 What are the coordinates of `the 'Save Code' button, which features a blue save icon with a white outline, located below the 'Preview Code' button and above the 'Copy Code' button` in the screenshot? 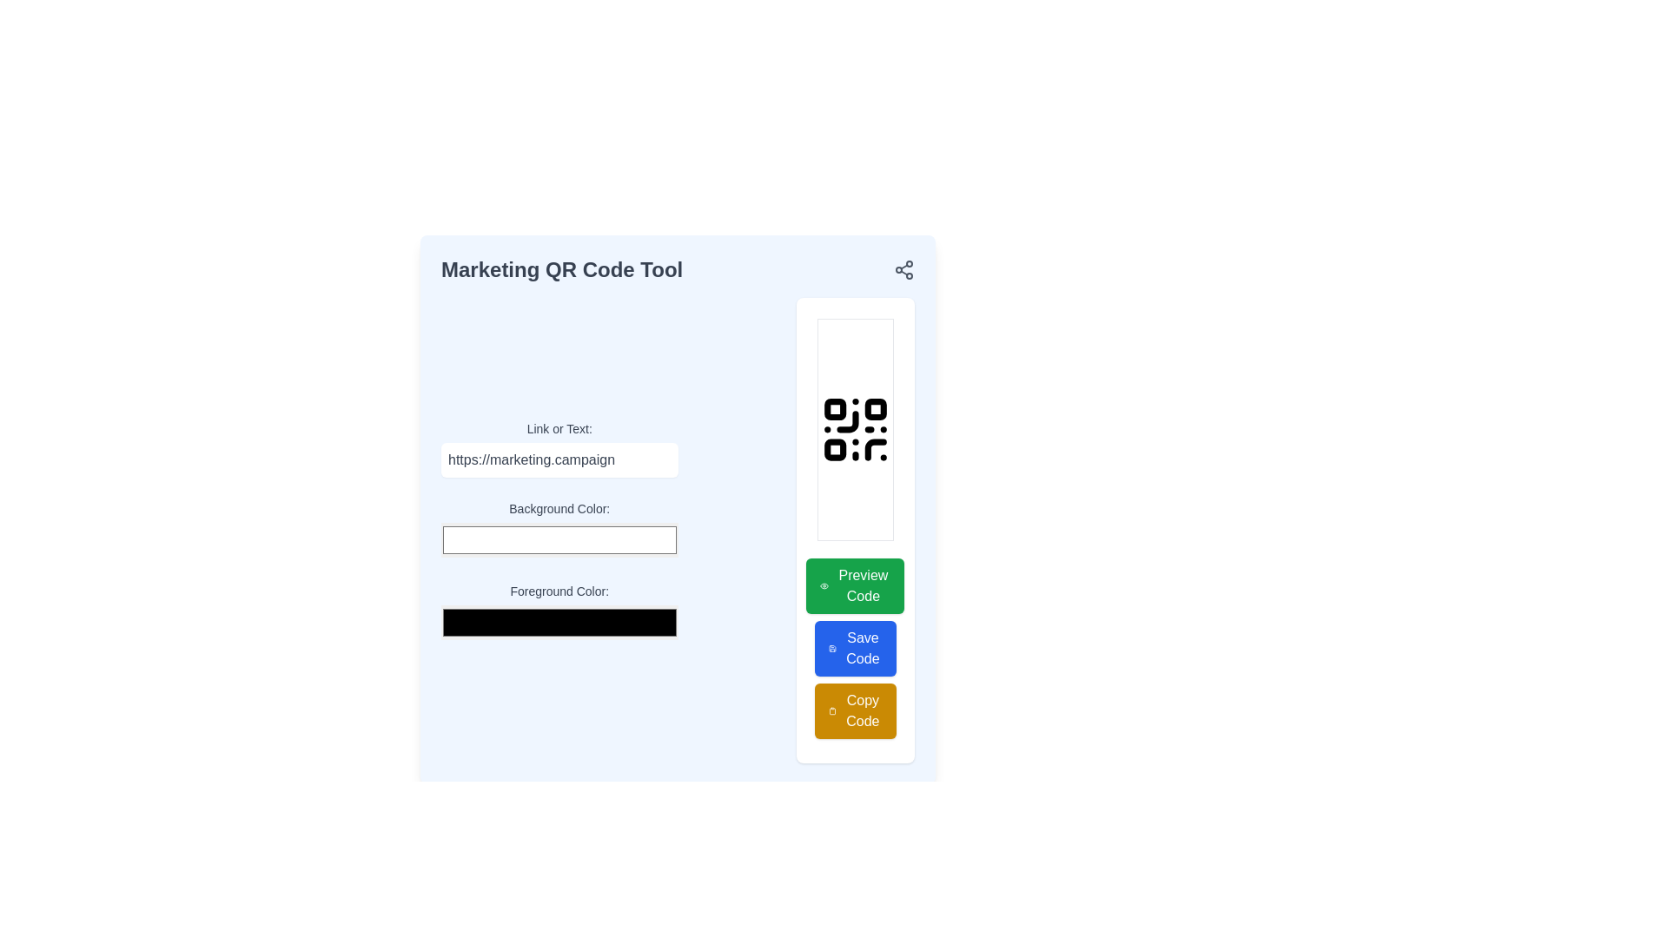 It's located at (831, 649).